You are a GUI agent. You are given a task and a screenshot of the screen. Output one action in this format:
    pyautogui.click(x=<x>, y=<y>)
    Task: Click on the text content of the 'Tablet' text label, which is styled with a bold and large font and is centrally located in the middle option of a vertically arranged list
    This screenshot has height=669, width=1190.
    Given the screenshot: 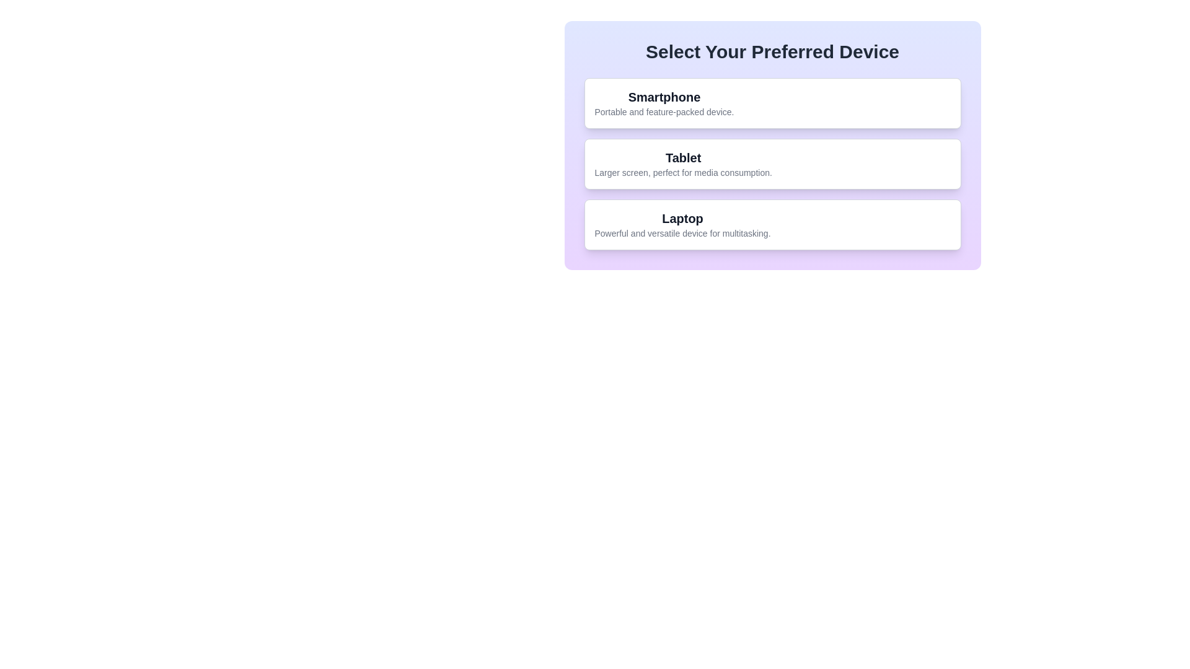 What is the action you would take?
    pyautogui.click(x=682, y=157)
    